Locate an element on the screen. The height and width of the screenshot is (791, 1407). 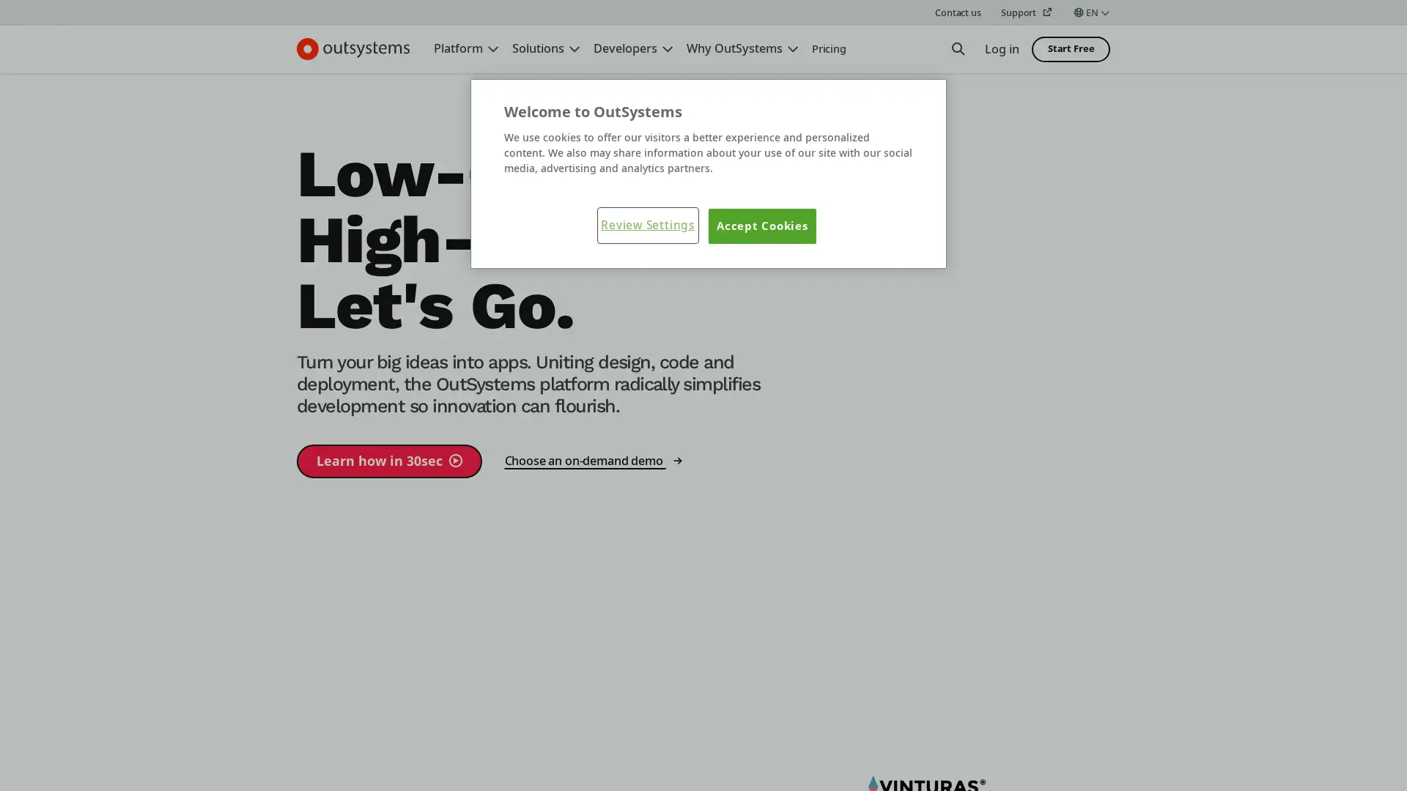
Review Settings is located at coordinates (646, 225).